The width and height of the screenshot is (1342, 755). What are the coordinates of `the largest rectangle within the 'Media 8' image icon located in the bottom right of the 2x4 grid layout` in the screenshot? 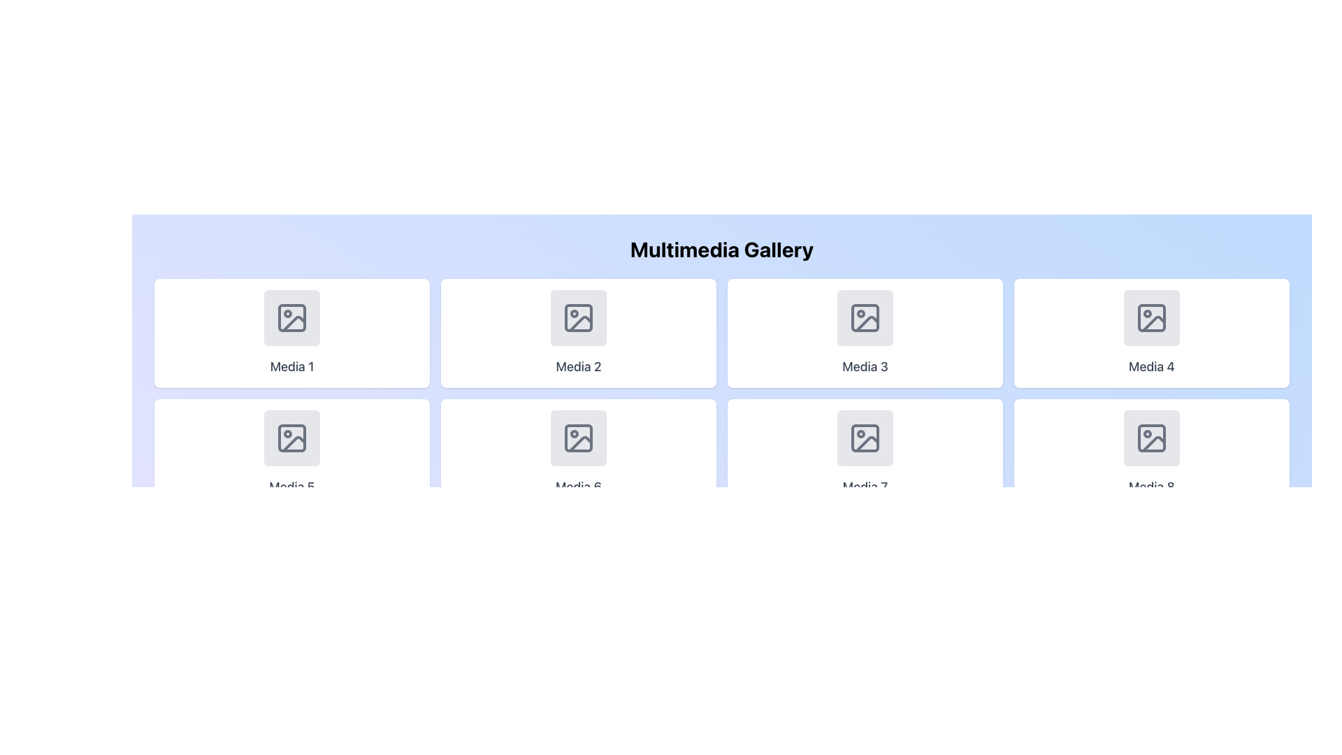 It's located at (1151, 438).